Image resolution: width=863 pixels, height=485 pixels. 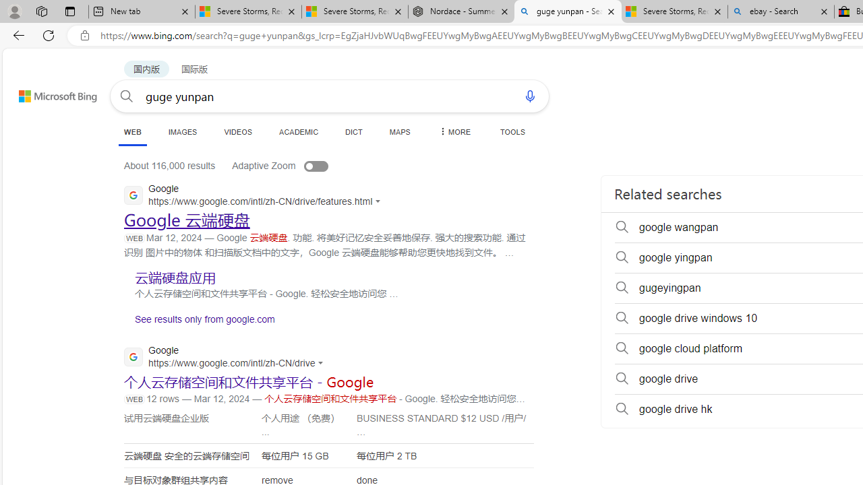 What do you see at coordinates (41, 11) in the screenshot?
I see `'Workspaces'` at bounding box center [41, 11].